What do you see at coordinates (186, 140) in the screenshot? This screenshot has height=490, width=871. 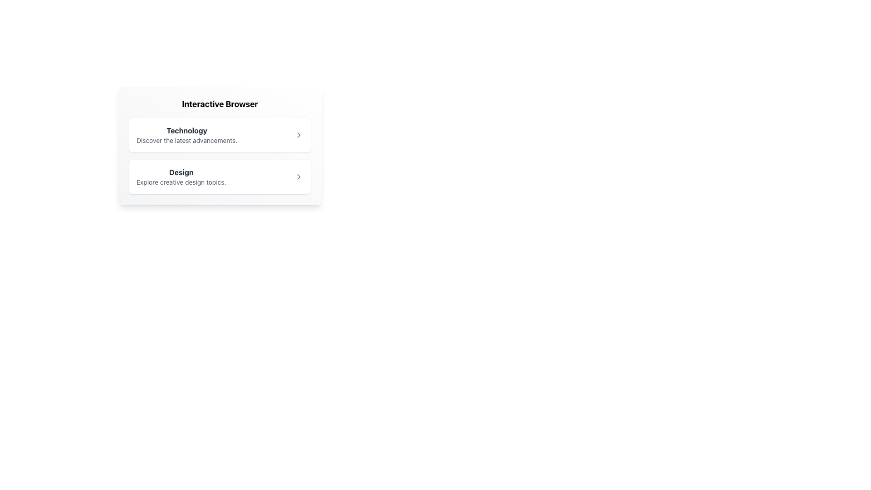 I see `the text snippet reading 'Discover the latest advancements.' located below the bold 'Technology' heading within a bordered rectangular section` at bounding box center [186, 140].